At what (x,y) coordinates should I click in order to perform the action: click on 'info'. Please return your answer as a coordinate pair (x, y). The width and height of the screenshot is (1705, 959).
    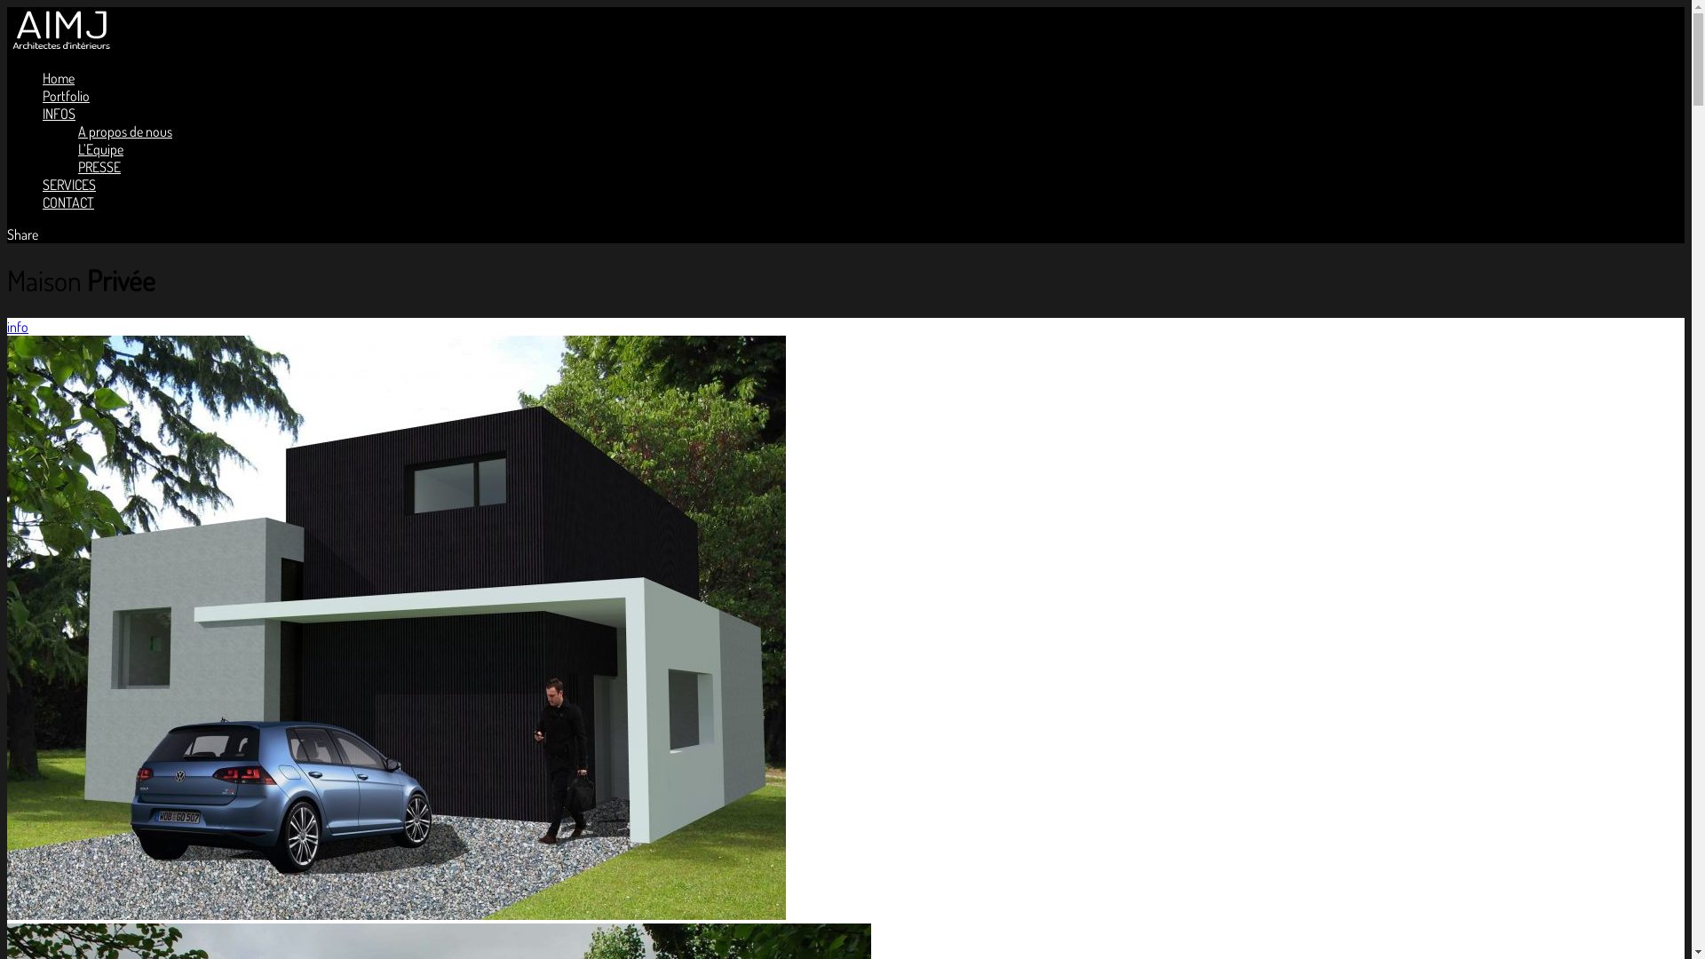
    Looking at the image, I should click on (17, 326).